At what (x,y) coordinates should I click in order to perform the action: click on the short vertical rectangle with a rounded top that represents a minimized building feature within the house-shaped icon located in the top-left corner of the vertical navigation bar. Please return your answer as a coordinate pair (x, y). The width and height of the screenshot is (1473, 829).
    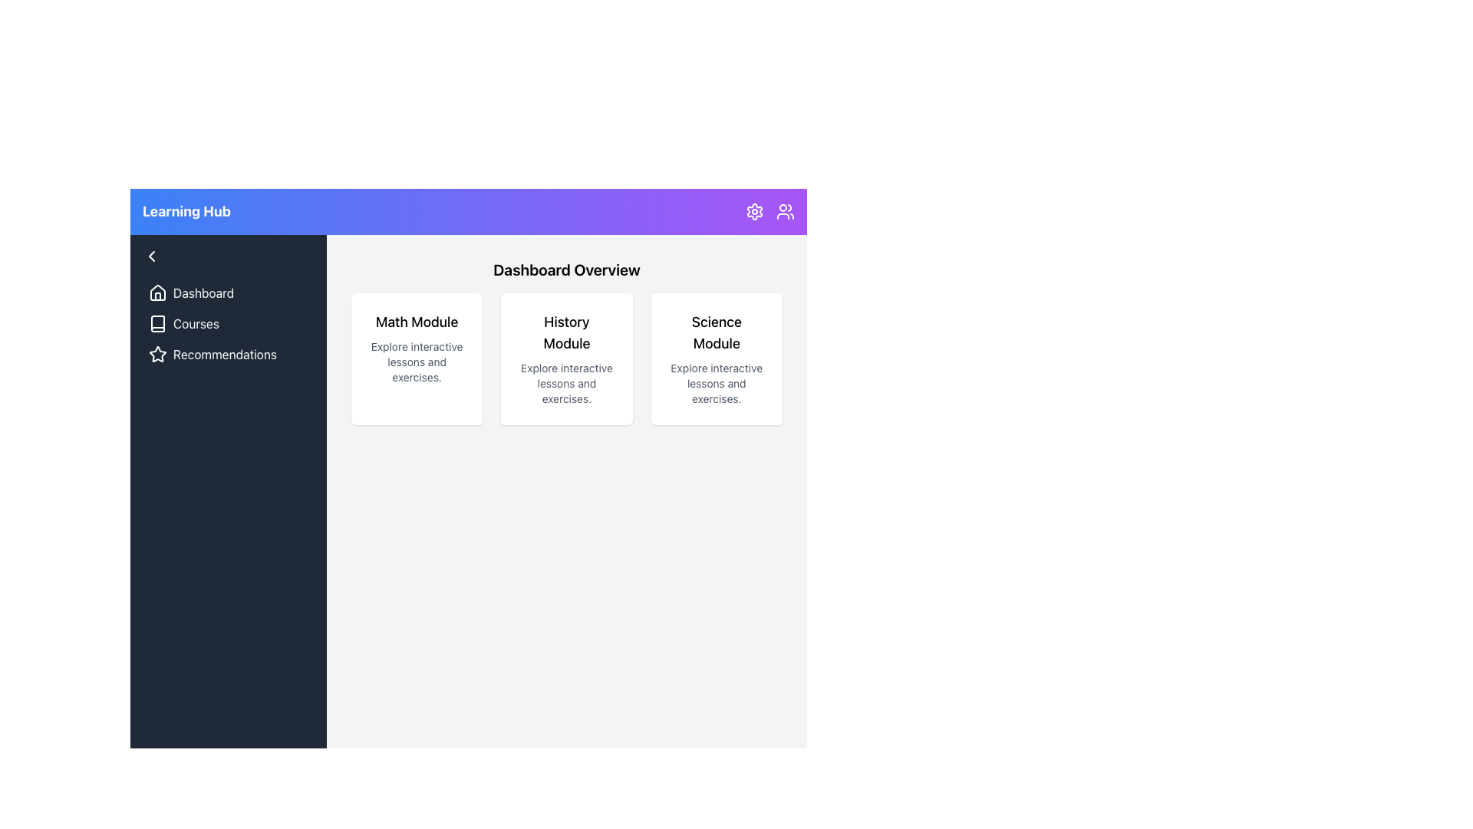
    Looking at the image, I should click on (158, 296).